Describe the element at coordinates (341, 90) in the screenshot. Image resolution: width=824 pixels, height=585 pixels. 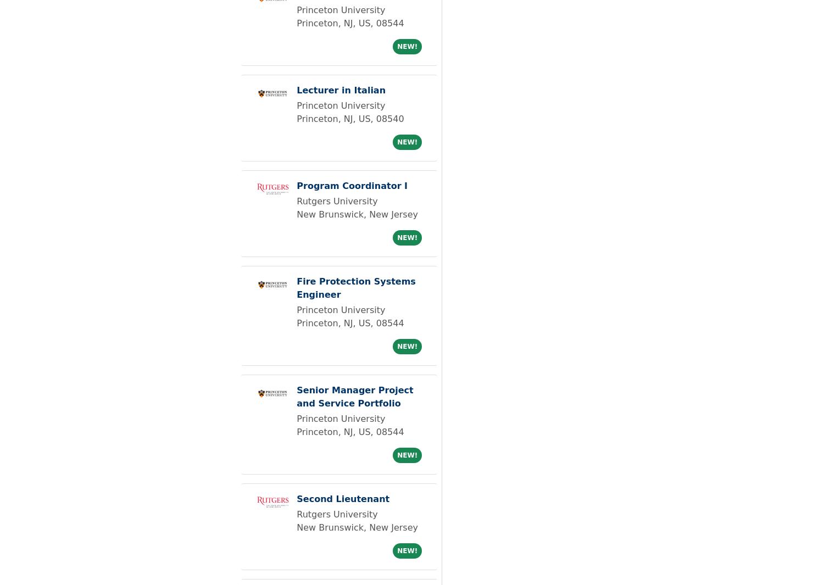
I see `'Lecturer in Italian'` at that location.